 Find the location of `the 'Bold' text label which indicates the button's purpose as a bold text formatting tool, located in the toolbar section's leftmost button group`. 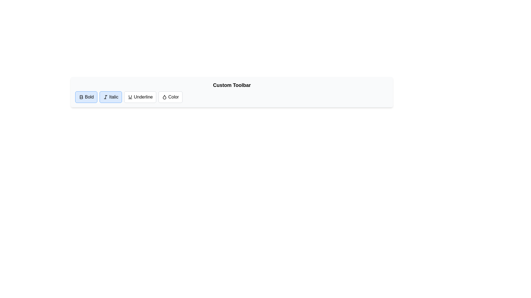

the 'Bold' text label which indicates the button's purpose as a bold text formatting tool, located in the toolbar section's leftmost button group is located at coordinates (89, 97).